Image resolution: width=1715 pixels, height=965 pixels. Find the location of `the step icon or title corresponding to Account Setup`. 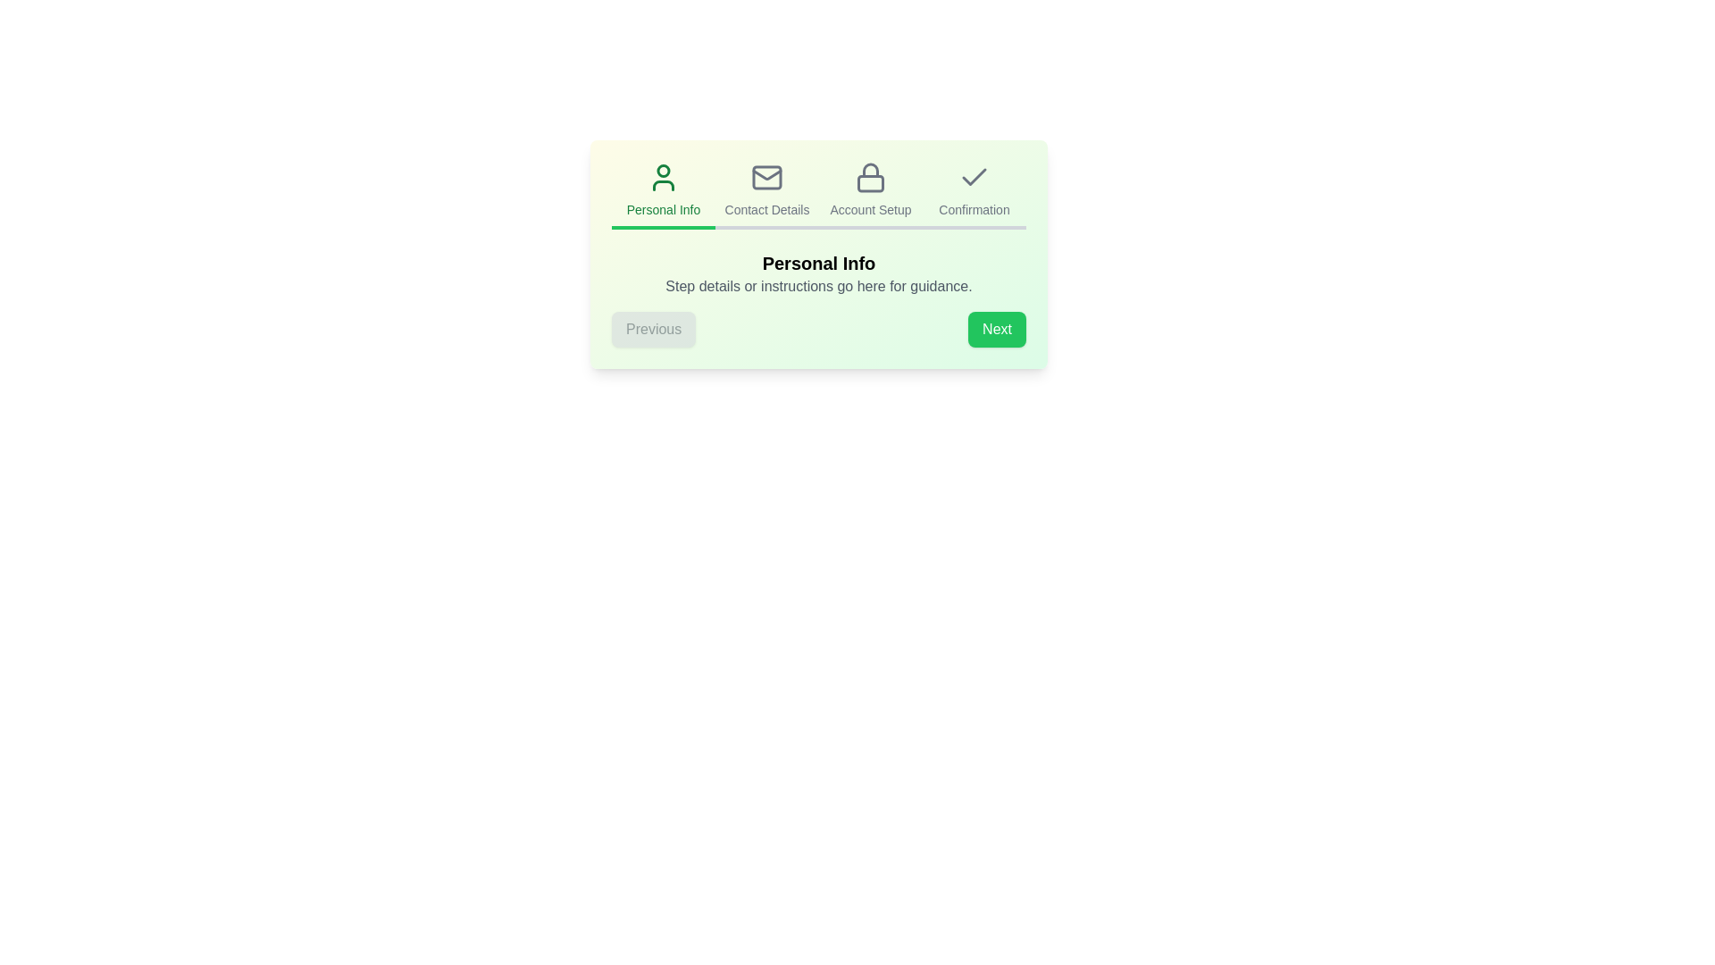

the step icon or title corresponding to Account Setup is located at coordinates (870, 196).